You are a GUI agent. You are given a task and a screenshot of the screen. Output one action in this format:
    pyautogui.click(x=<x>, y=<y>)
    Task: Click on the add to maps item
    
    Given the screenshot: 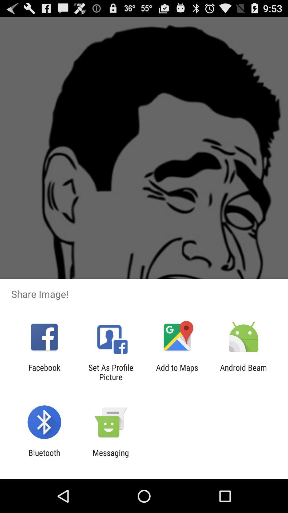 What is the action you would take?
    pyautogui.click(x=177, y=372)
    